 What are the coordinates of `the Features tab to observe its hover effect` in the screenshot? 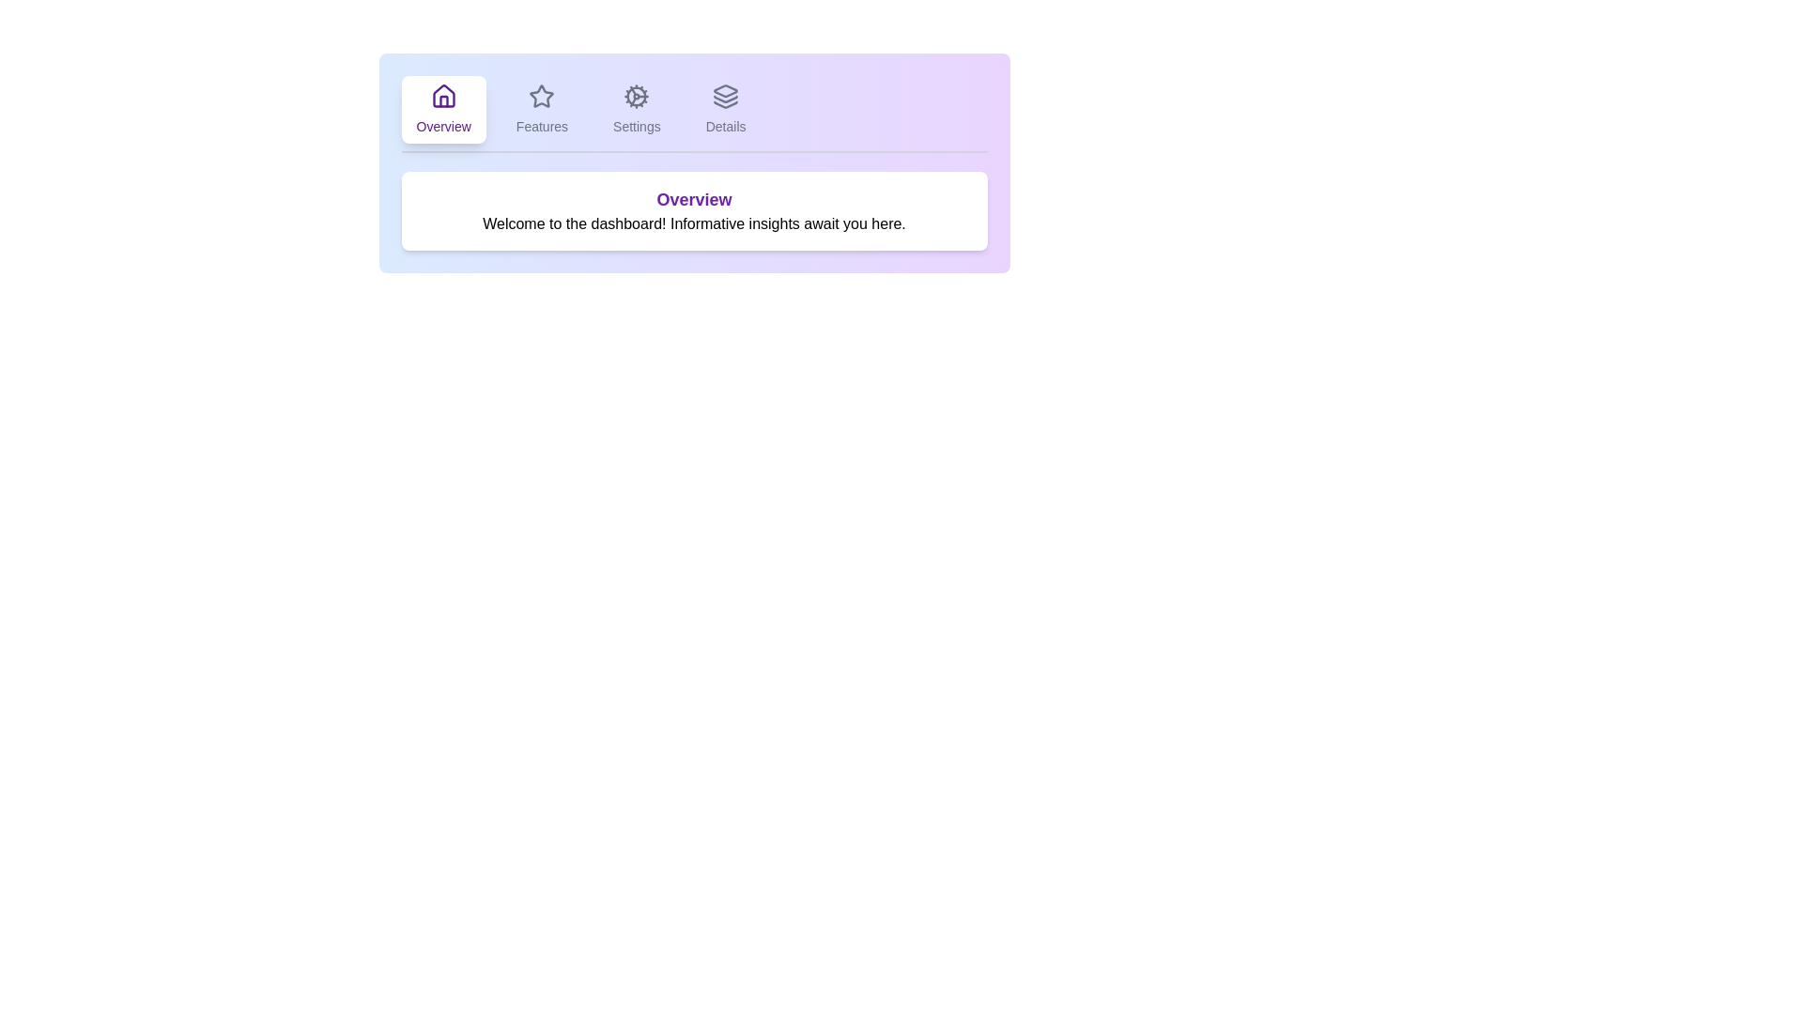 It's located at (541, 109).